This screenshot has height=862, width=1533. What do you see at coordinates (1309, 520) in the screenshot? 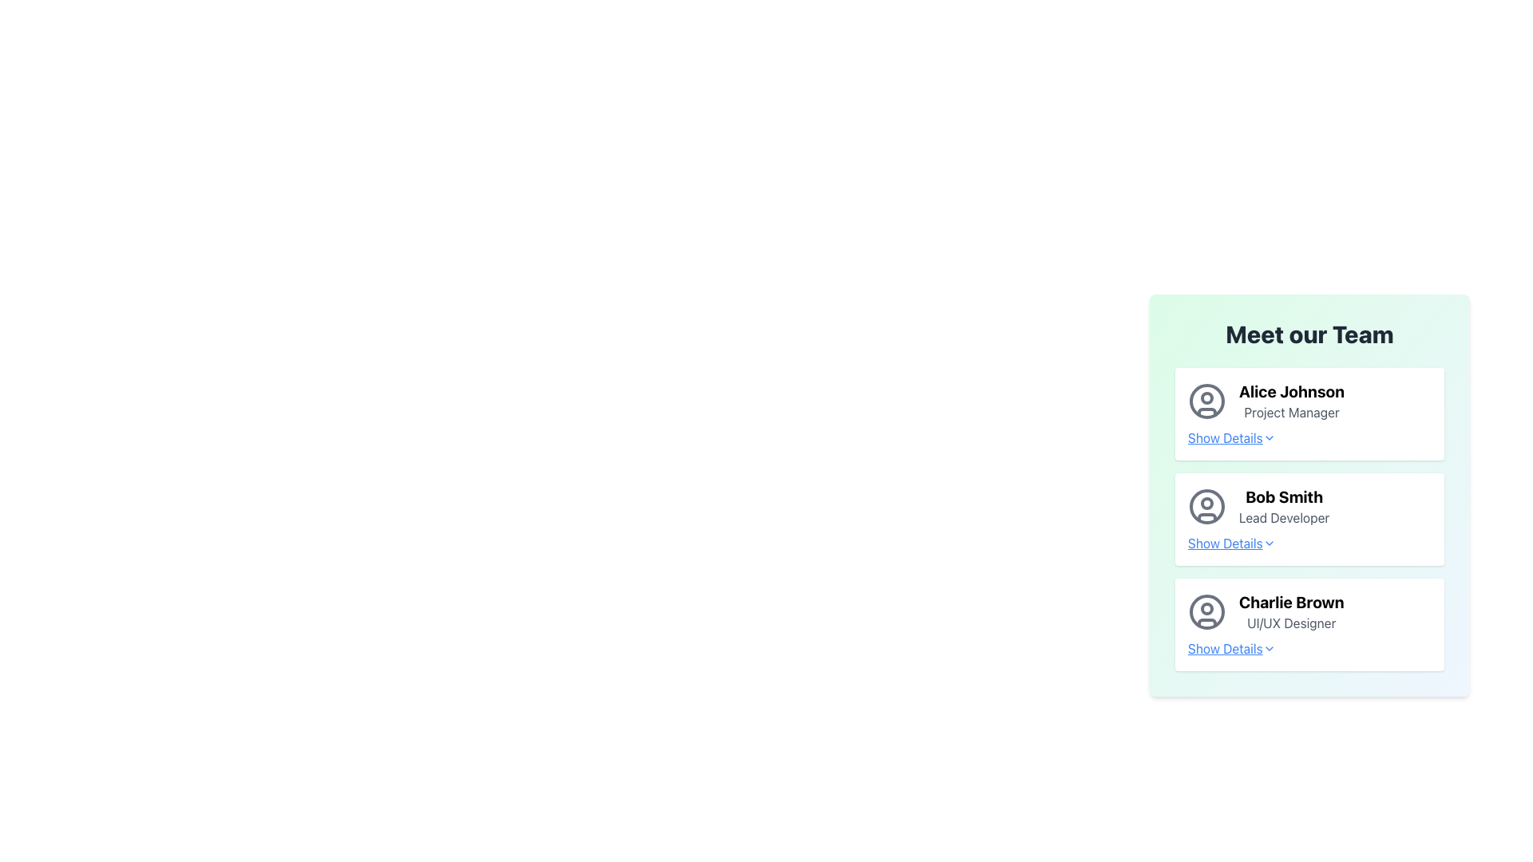
I see `the profile of 'Bob Smith', the Lead Developer` at bounding box center [1309, 520].